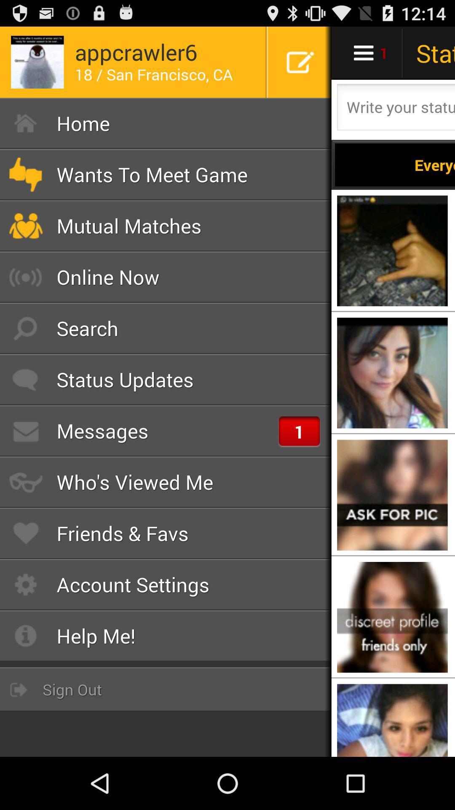 The image size is (455, 810). Describe the element at coordinates (395, 165) in the screenshot. I see `the item next to the home button` at that location.